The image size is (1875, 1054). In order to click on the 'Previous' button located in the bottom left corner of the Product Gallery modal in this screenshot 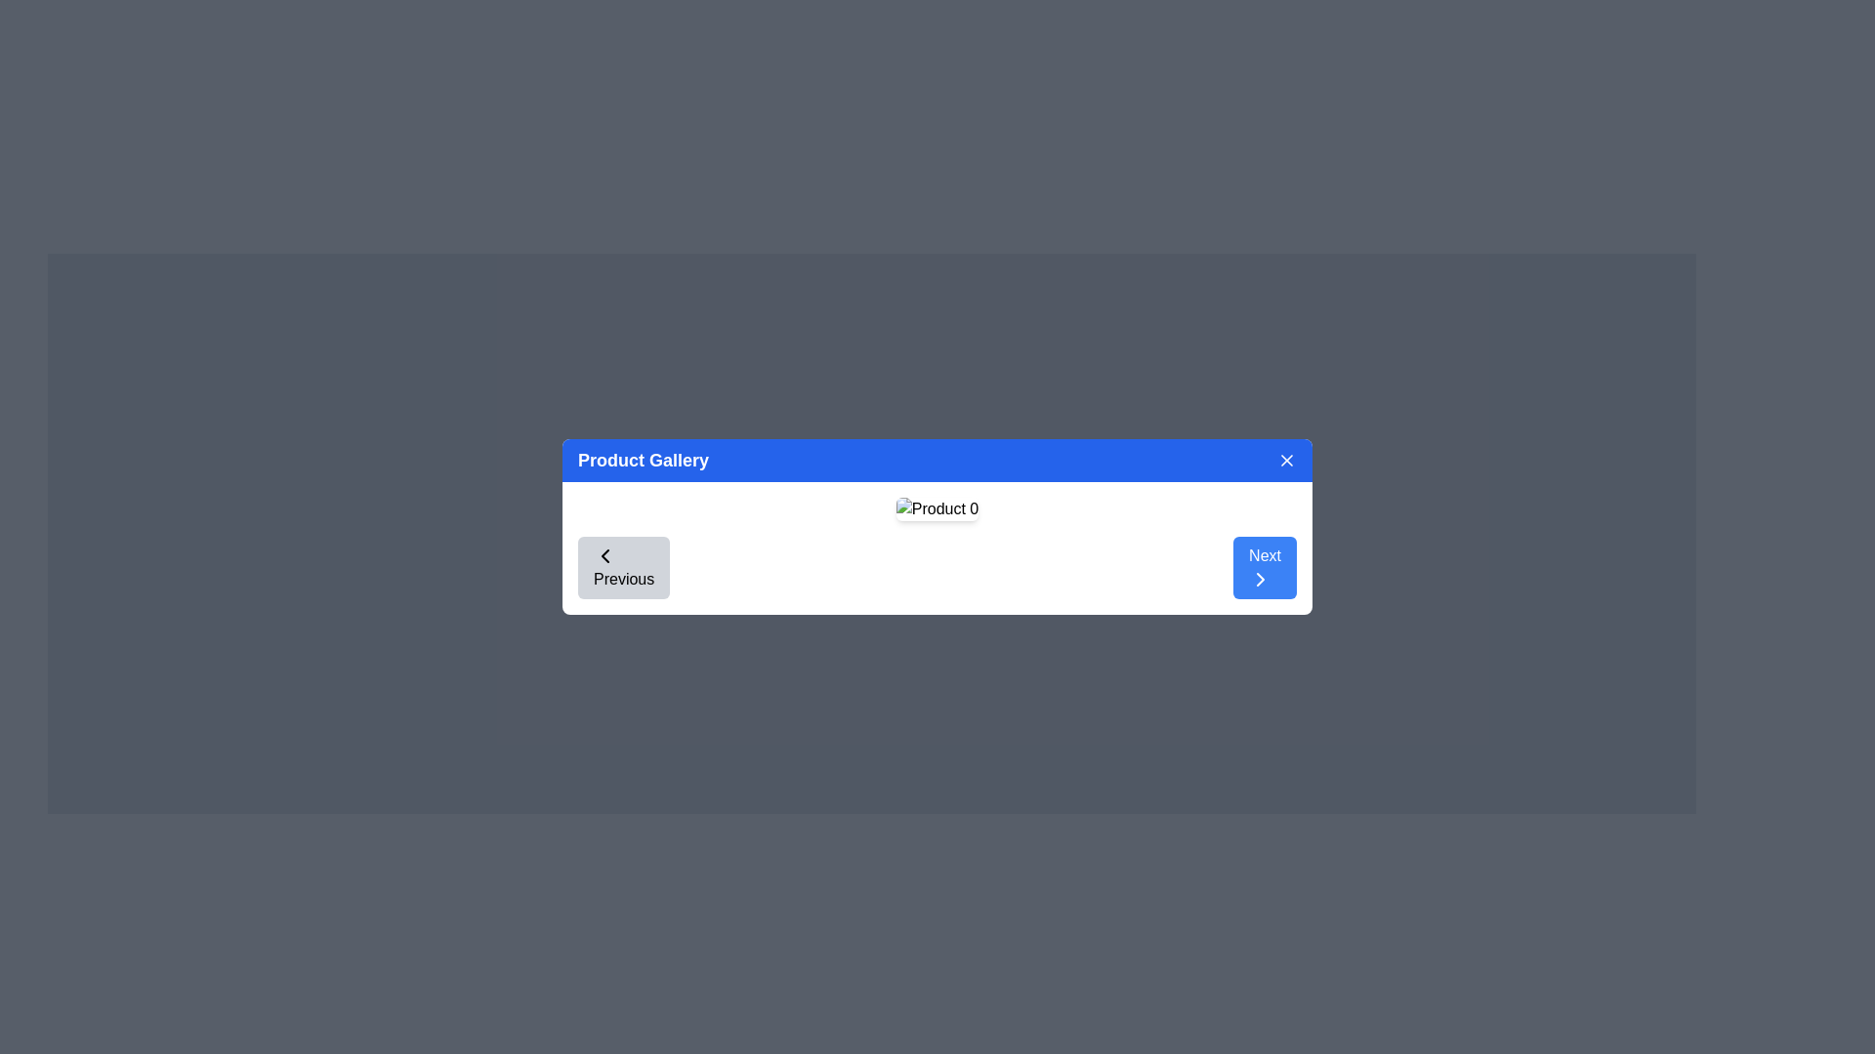, I will do `click(604, 556)`.